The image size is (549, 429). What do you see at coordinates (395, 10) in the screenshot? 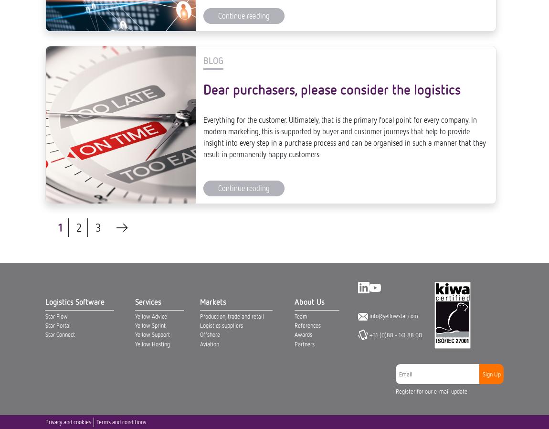
I see `'+31 (0)88 - 141 88 00'` at bounding box center [395, 10].